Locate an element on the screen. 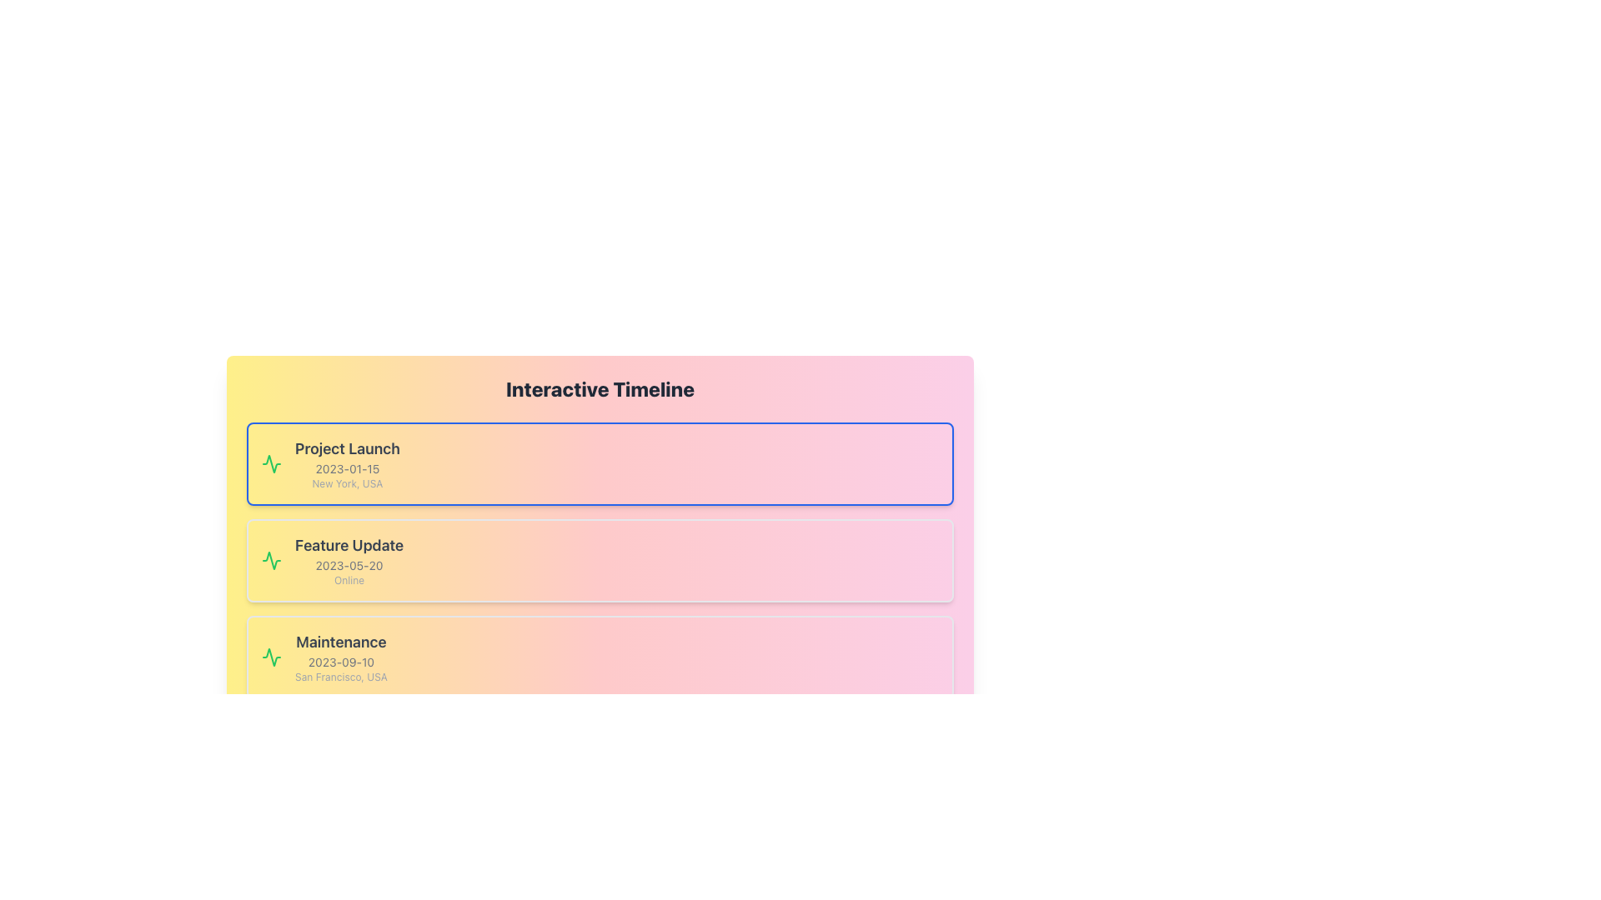 The height and width of the screenshot is (900, 1601). the bold text label reading 'Feature Update', which is styled in dark gray on a pastel gradient background, located above the '2023-05-20' date and 'Online' location details in the second event card of the timeline is located at coordinates (349, 546).